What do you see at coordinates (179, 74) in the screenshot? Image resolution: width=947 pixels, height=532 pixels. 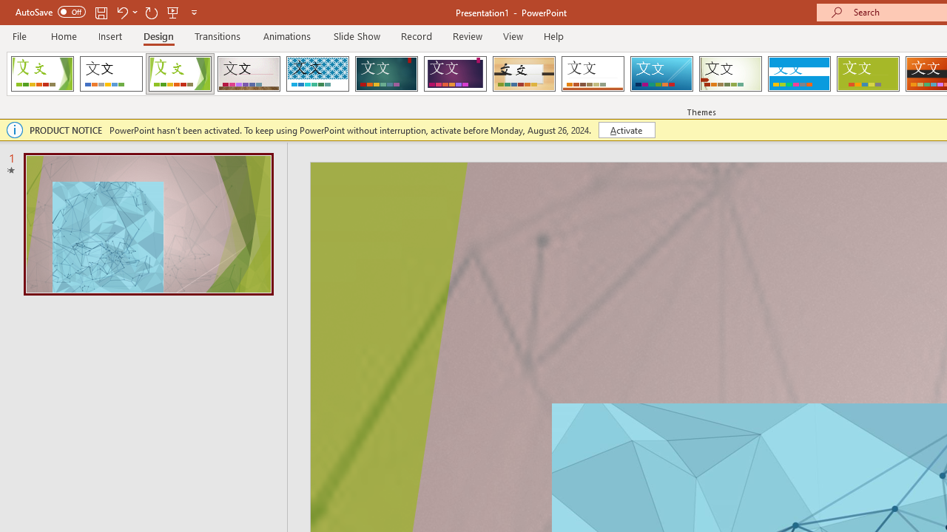 I see `'Facet'` at bounding box center [179, 74].